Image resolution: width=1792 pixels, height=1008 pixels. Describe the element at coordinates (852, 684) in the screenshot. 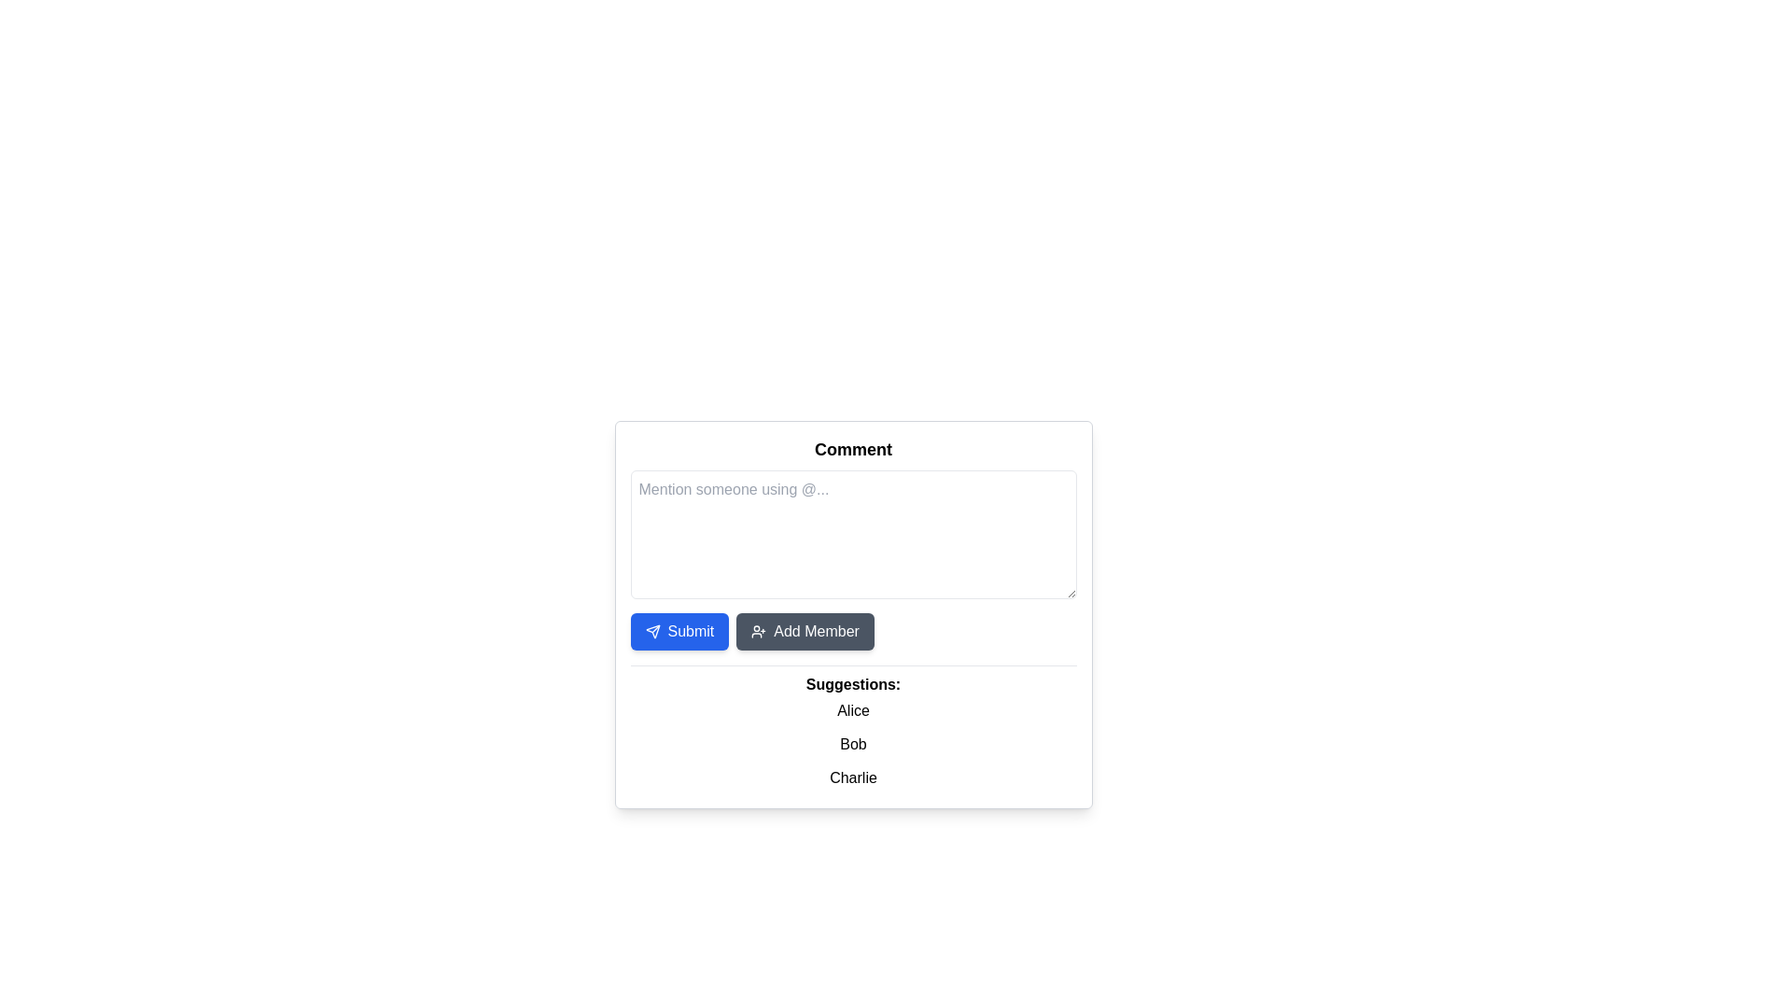

I see `the bolded text label reading 'Suggestions:' which is located above the names 'Alice', 'Bob', and 'Charlie'` at that location.